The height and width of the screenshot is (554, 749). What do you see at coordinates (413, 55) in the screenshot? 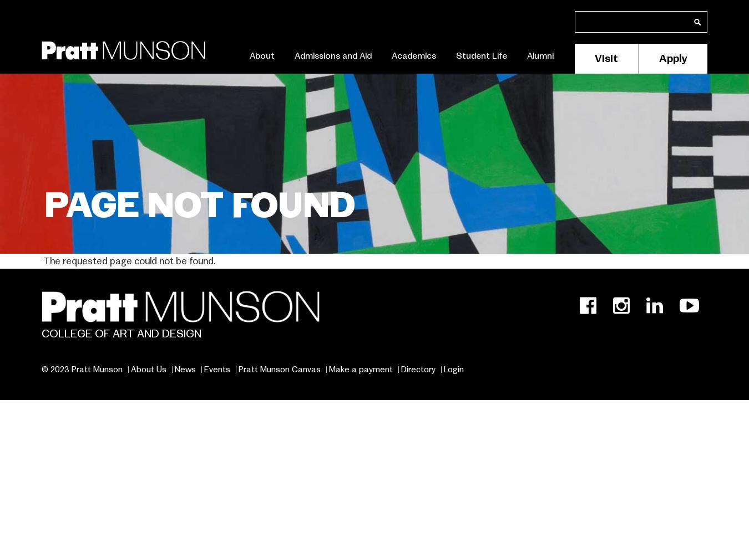
I see `'Academics'` at bounding box center [413, 55].